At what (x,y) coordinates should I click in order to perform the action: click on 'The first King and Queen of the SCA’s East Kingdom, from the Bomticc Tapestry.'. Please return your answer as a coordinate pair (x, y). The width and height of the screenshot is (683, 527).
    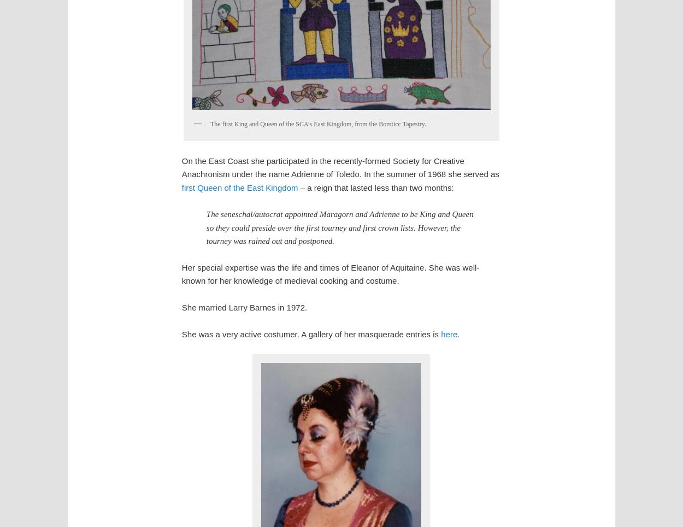
    Looking at the image, I should click on (317, 123).